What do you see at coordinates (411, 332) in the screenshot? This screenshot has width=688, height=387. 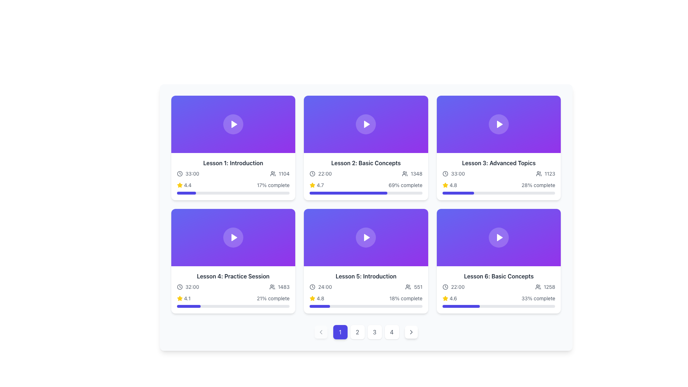 I see `the circular navigation icon located at the bottom right corner of the page` at bounding box center [411, 332].